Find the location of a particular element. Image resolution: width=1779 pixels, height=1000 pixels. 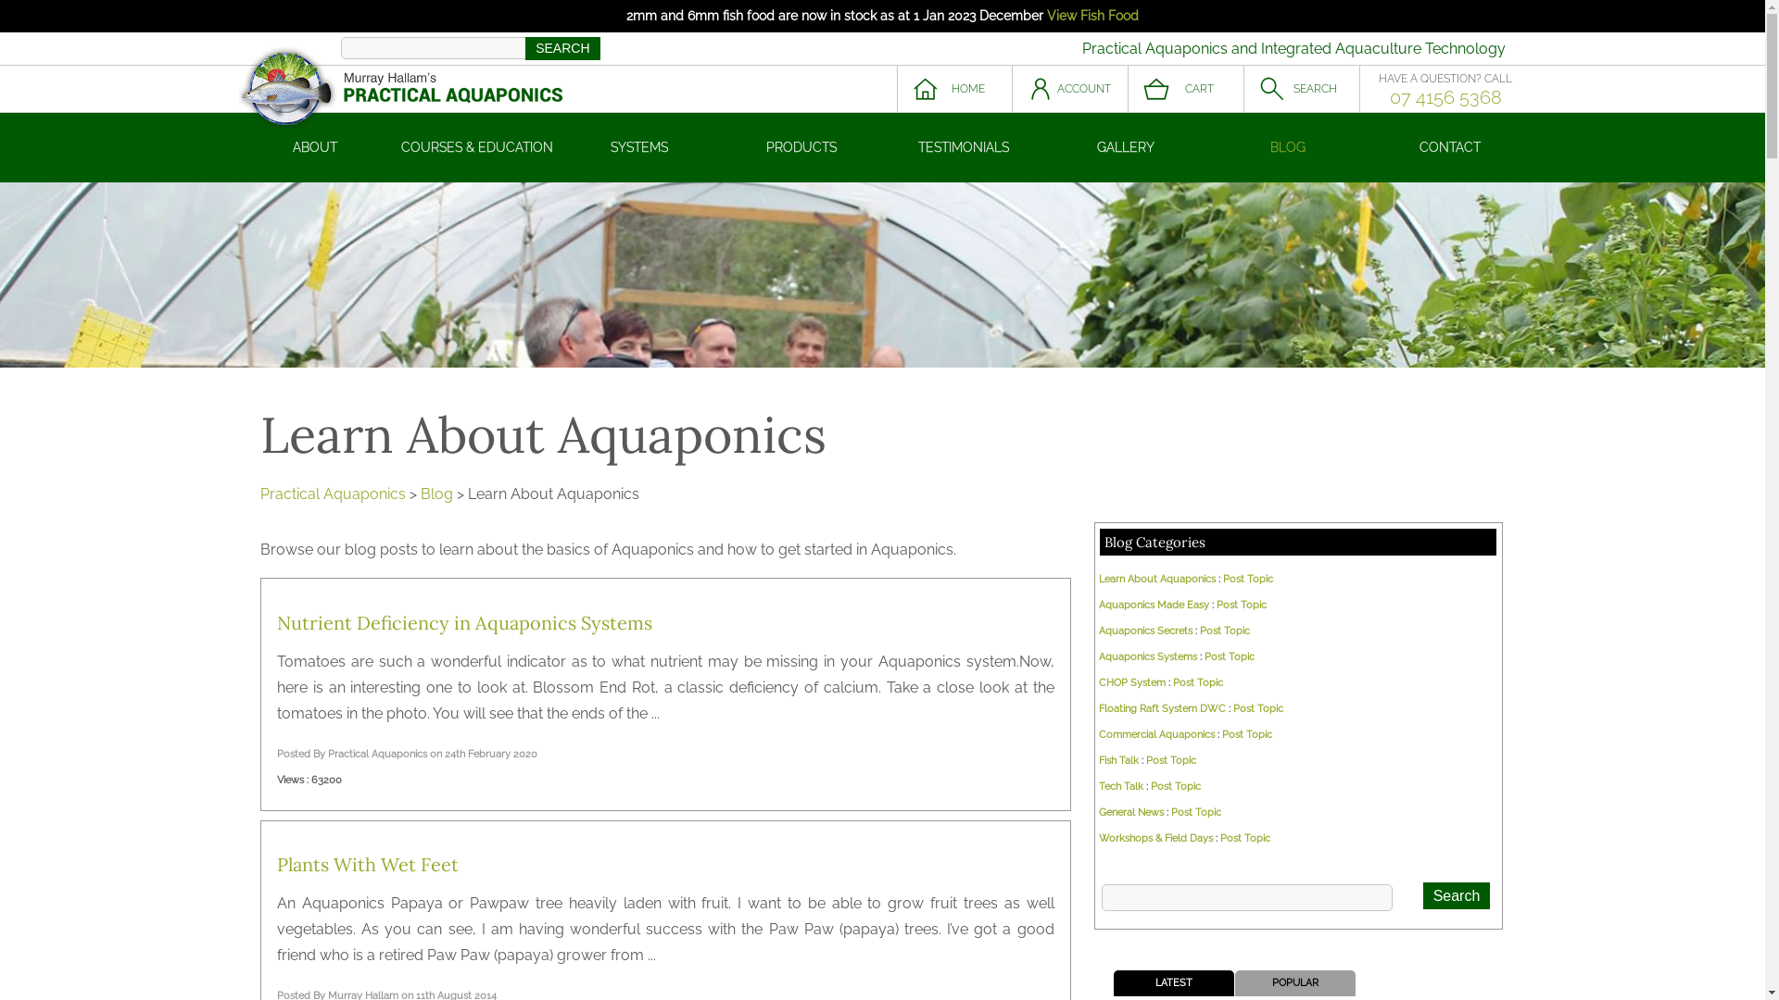

'Blog Categories' is located at coordinates (1154, 542).